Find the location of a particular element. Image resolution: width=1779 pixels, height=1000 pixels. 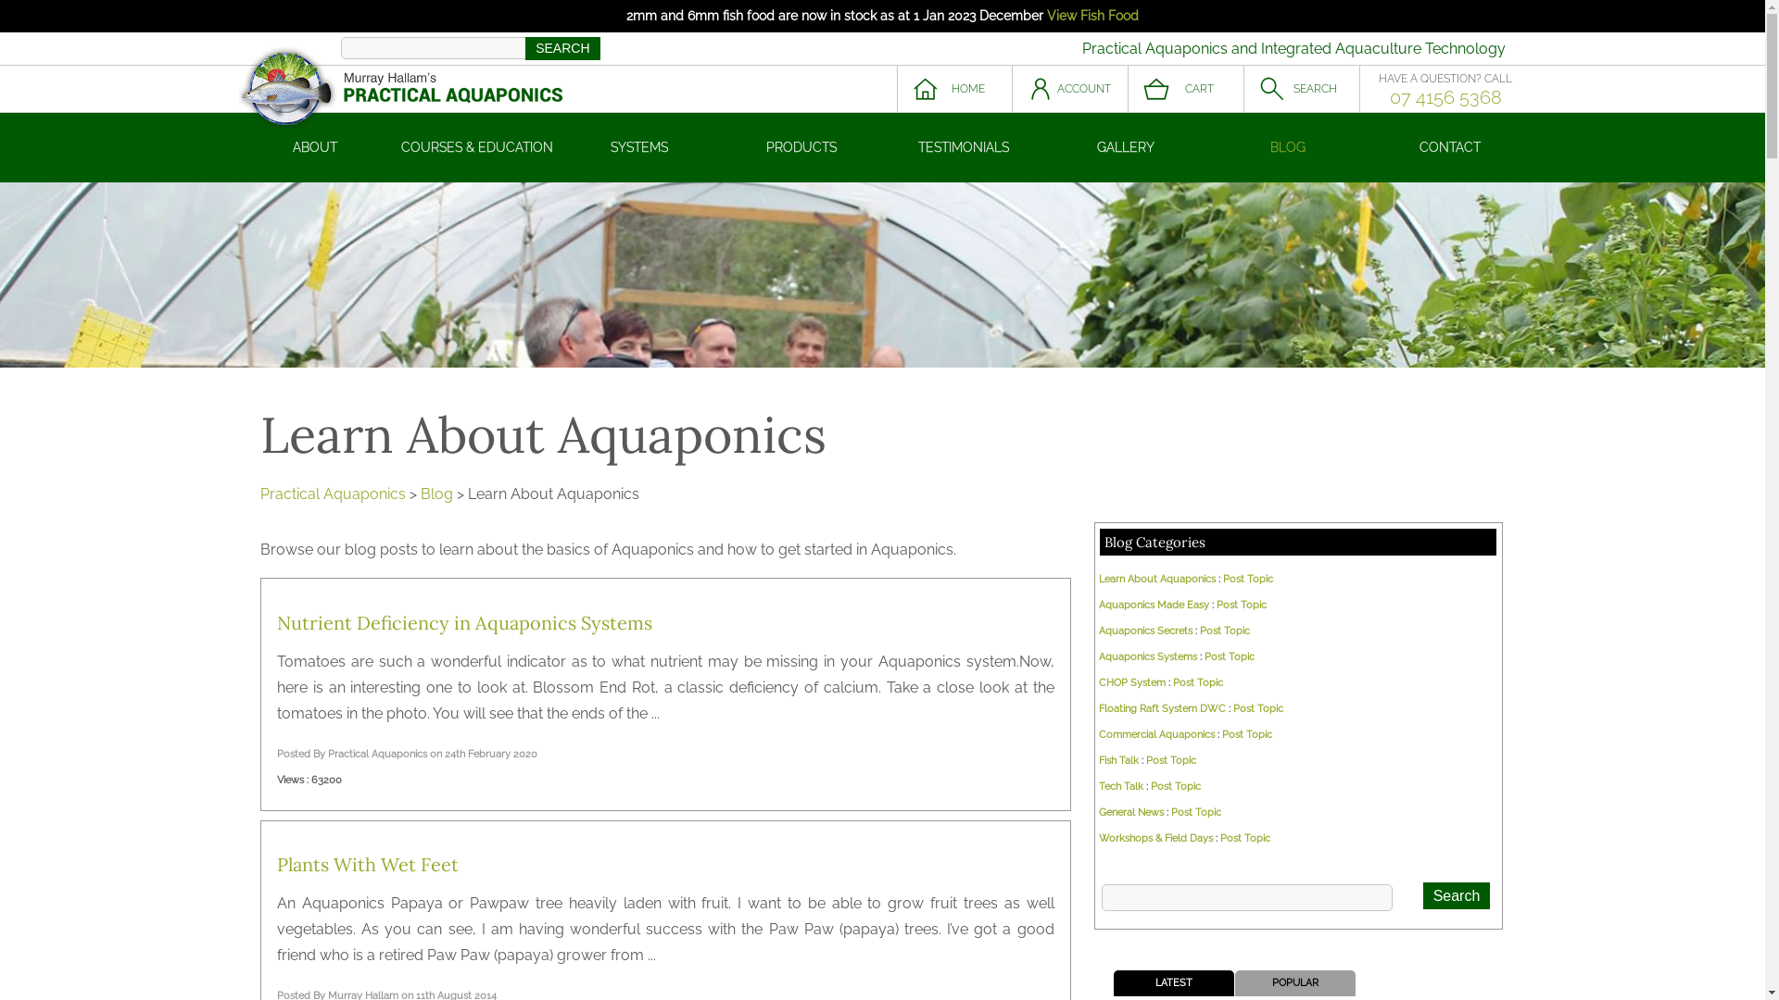

'Blog Categories' is located at coordinates (1154, 542).